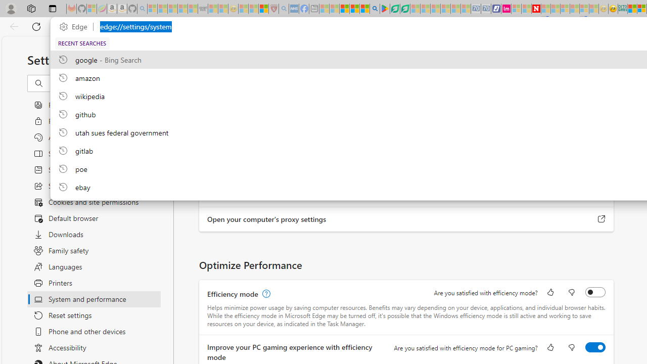  I want to click on 'Microsoft Word - consumer-privacy address update 2.2021', so click(405, 9).